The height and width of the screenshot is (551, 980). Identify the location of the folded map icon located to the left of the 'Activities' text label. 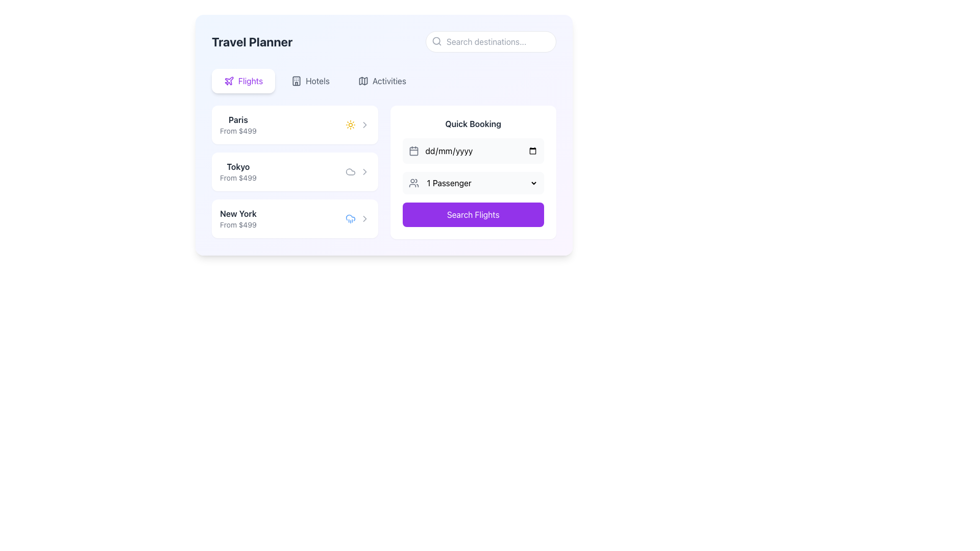
(363, 80).